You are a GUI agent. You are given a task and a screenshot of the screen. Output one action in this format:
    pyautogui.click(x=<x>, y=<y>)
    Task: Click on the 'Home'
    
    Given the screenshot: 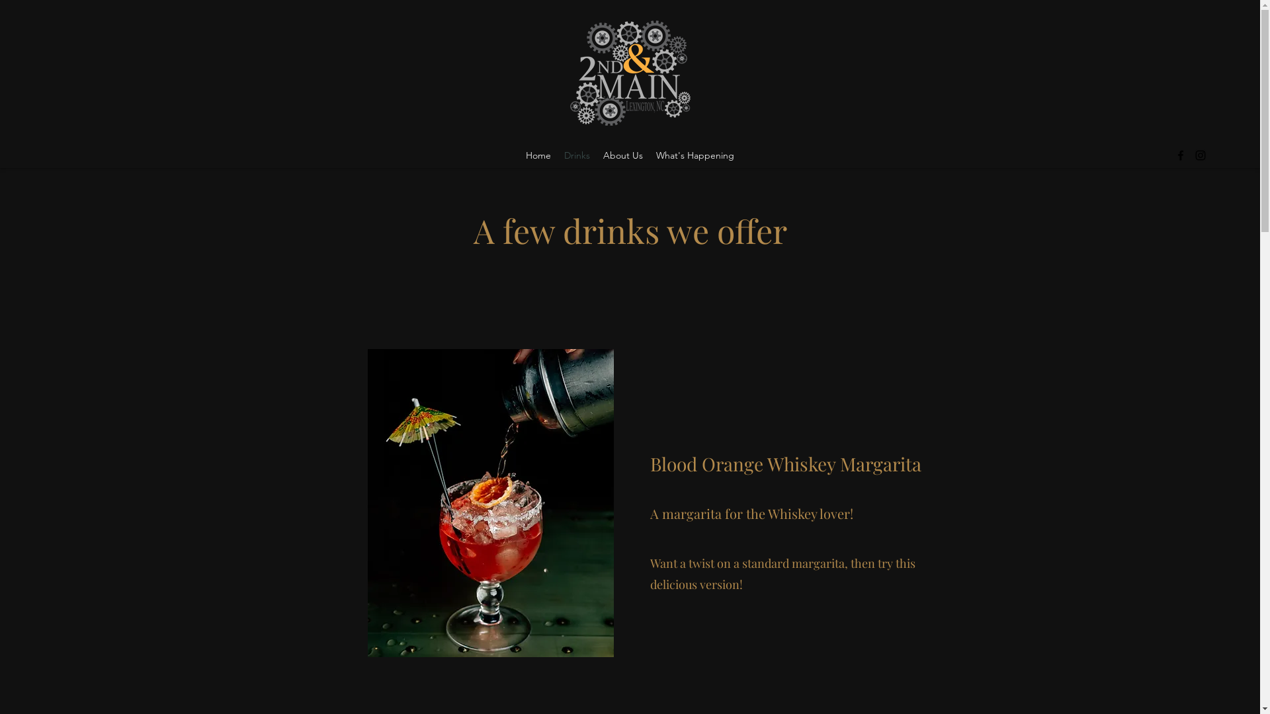 What is the action you would take?
    pyautogui.click(x=519, y=155)
    